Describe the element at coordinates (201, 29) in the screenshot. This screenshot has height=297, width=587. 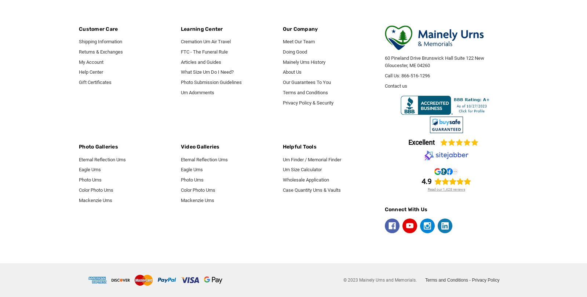
I see `'Learning Center'` at that location.